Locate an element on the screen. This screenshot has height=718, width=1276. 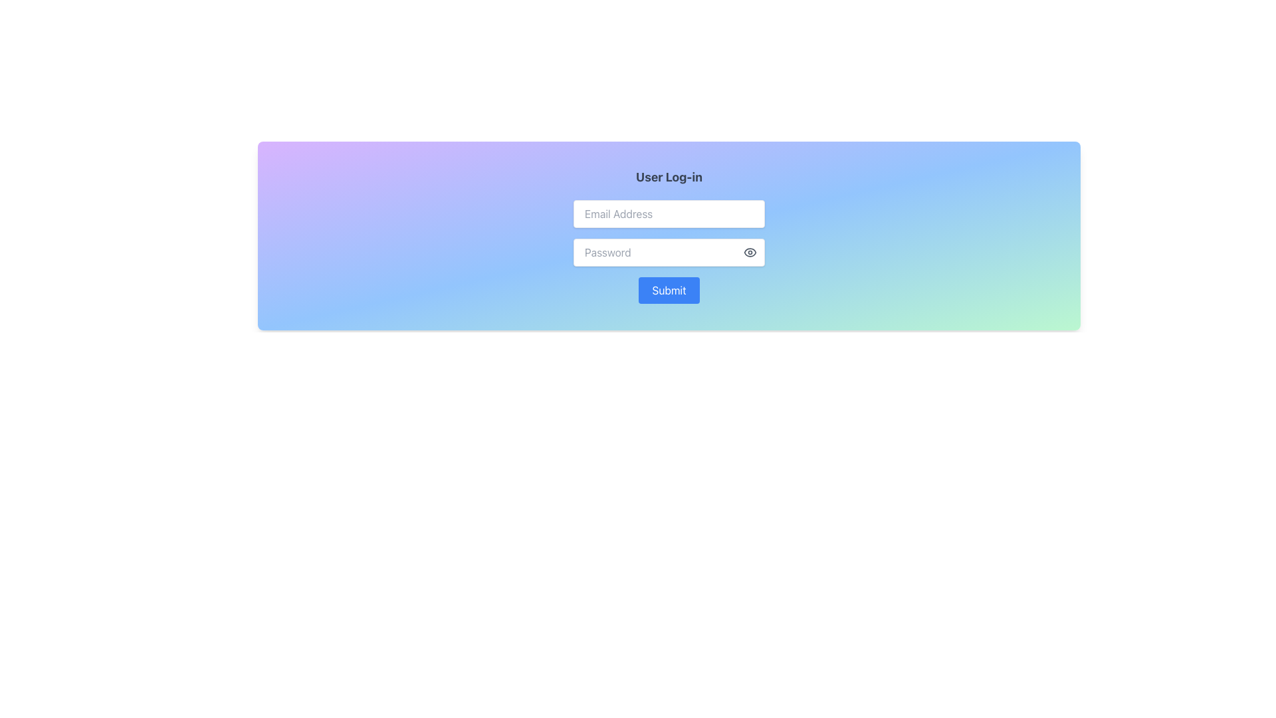
the submit button located below the password input field is located at coordinates (669, 289).